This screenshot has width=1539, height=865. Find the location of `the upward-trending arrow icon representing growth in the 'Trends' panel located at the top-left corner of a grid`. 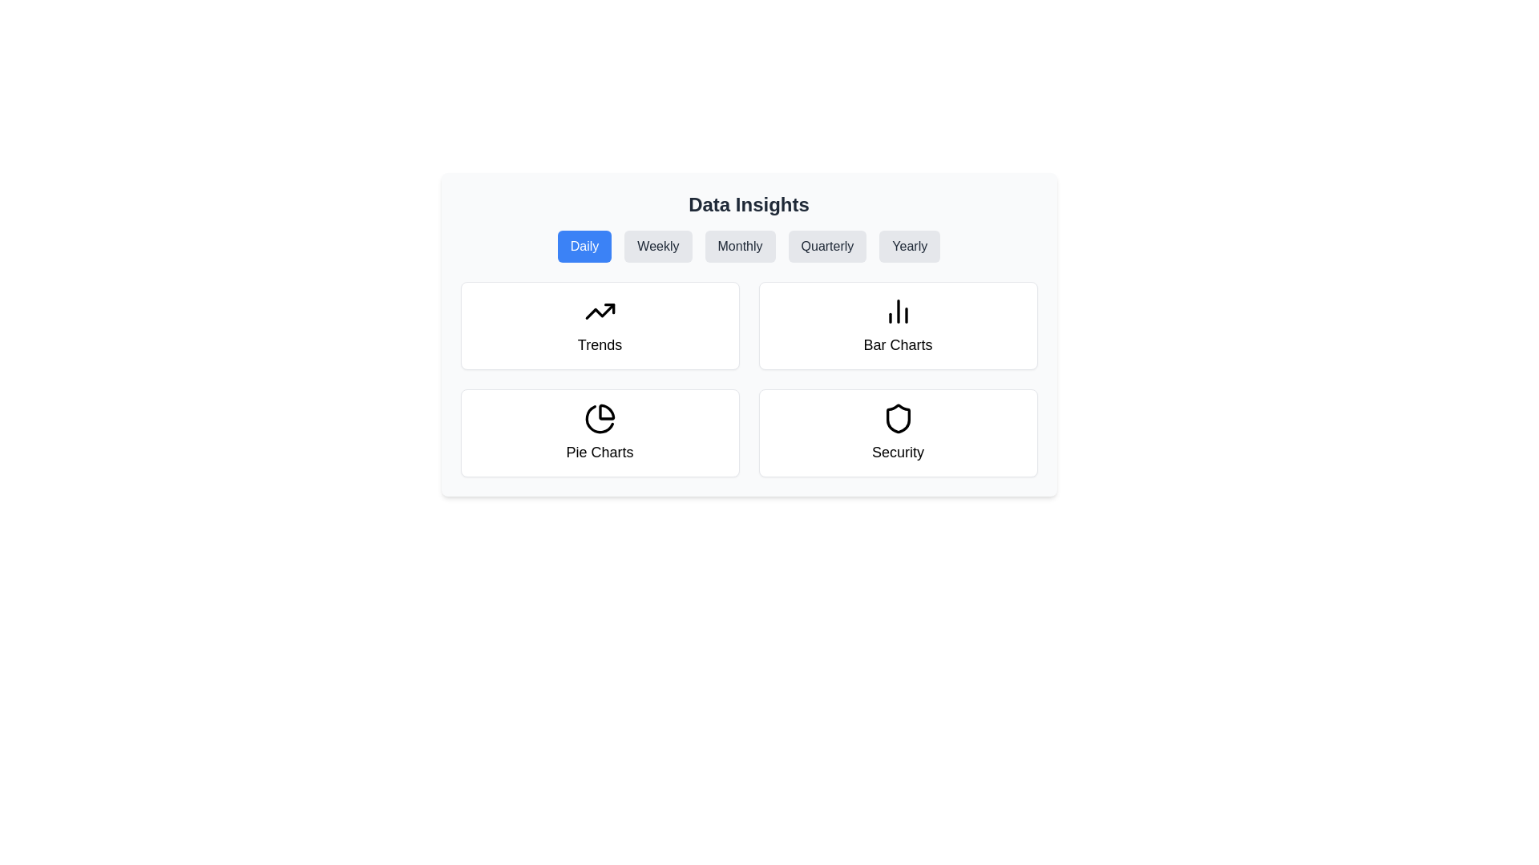

the upward-trending arrow icon representing growth in the 'Trends' panel located at the top-left corner of a grid is located at coordinates (599, 312).